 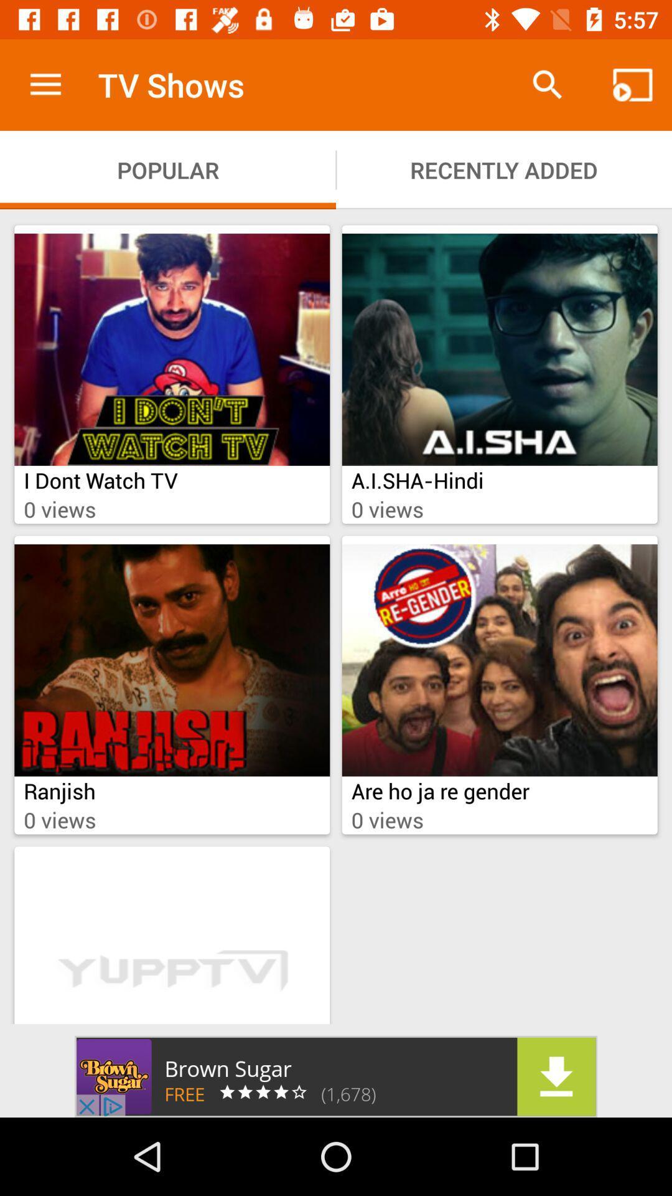 What do you see at coordinates (336, 1076) in the screenshot?
I see `advertisement` at bounding box center [336, 1076].